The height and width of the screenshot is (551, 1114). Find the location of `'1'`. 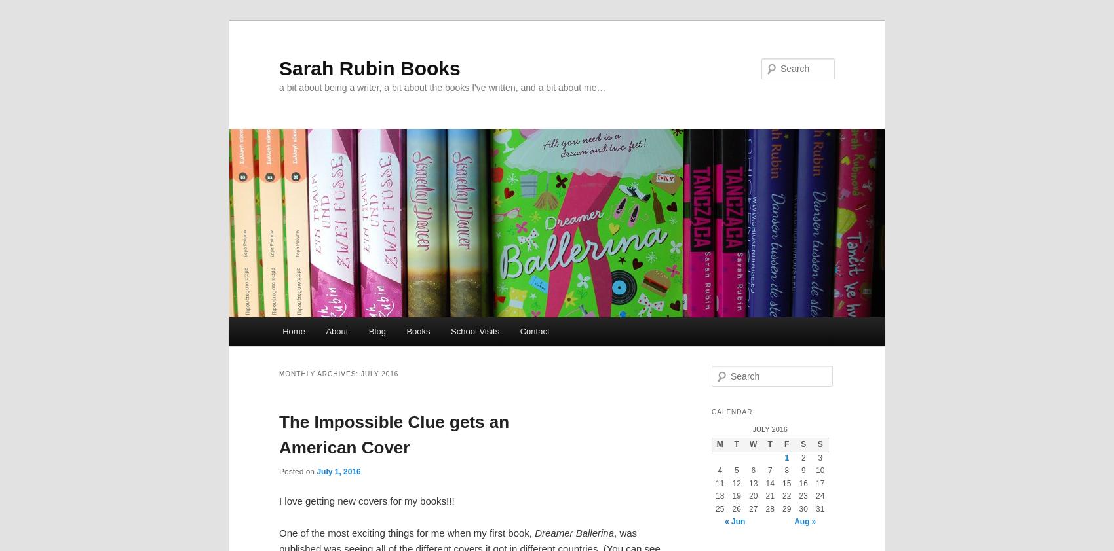

'1' is located at coordinates (783, 457).